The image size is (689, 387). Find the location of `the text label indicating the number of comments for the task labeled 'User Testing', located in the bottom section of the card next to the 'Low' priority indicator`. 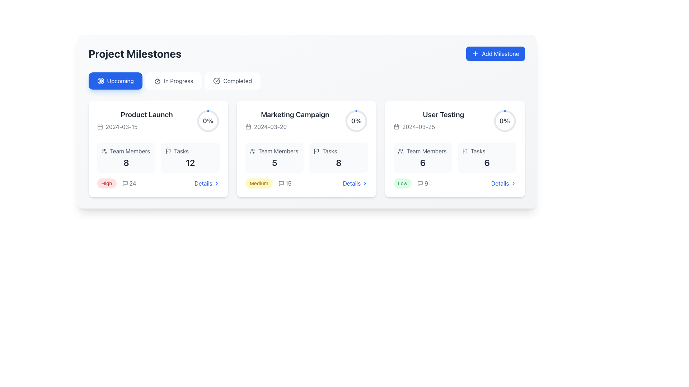

the text label indicating the number of comments for the task labeled 'User Testing', located in the bottom section of the card next to the 'Low' priority indicator is located at coordinates (423, 183).